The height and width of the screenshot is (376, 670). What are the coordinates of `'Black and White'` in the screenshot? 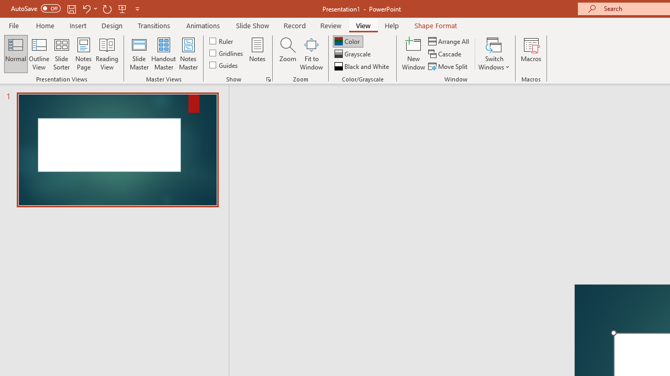 It's located at (363, 66).